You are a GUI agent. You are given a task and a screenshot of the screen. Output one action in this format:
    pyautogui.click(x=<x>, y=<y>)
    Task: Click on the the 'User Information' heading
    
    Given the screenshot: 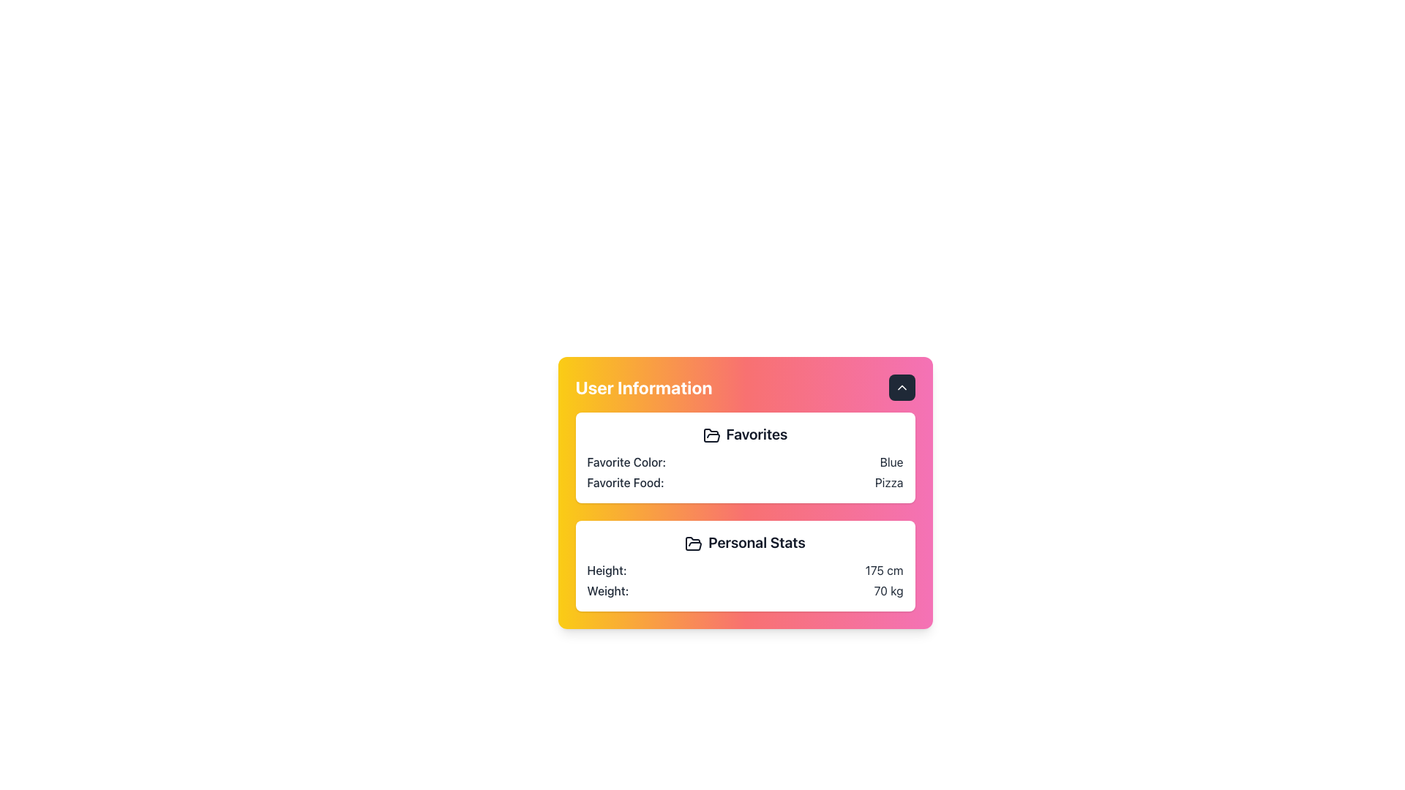 What is the action you would take?
    pyautogui.click(x=643, y=386)
    